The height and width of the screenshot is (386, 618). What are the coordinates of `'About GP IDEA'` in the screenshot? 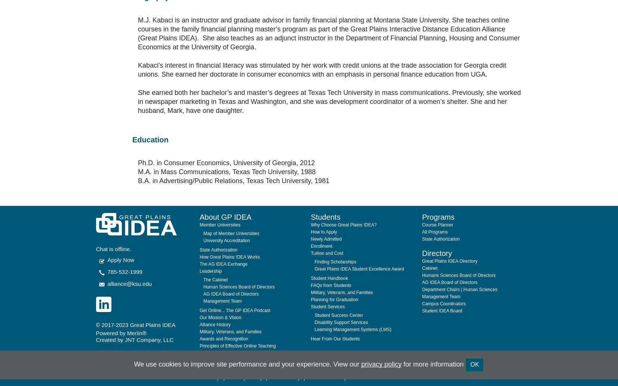 It's located at (225, 198).